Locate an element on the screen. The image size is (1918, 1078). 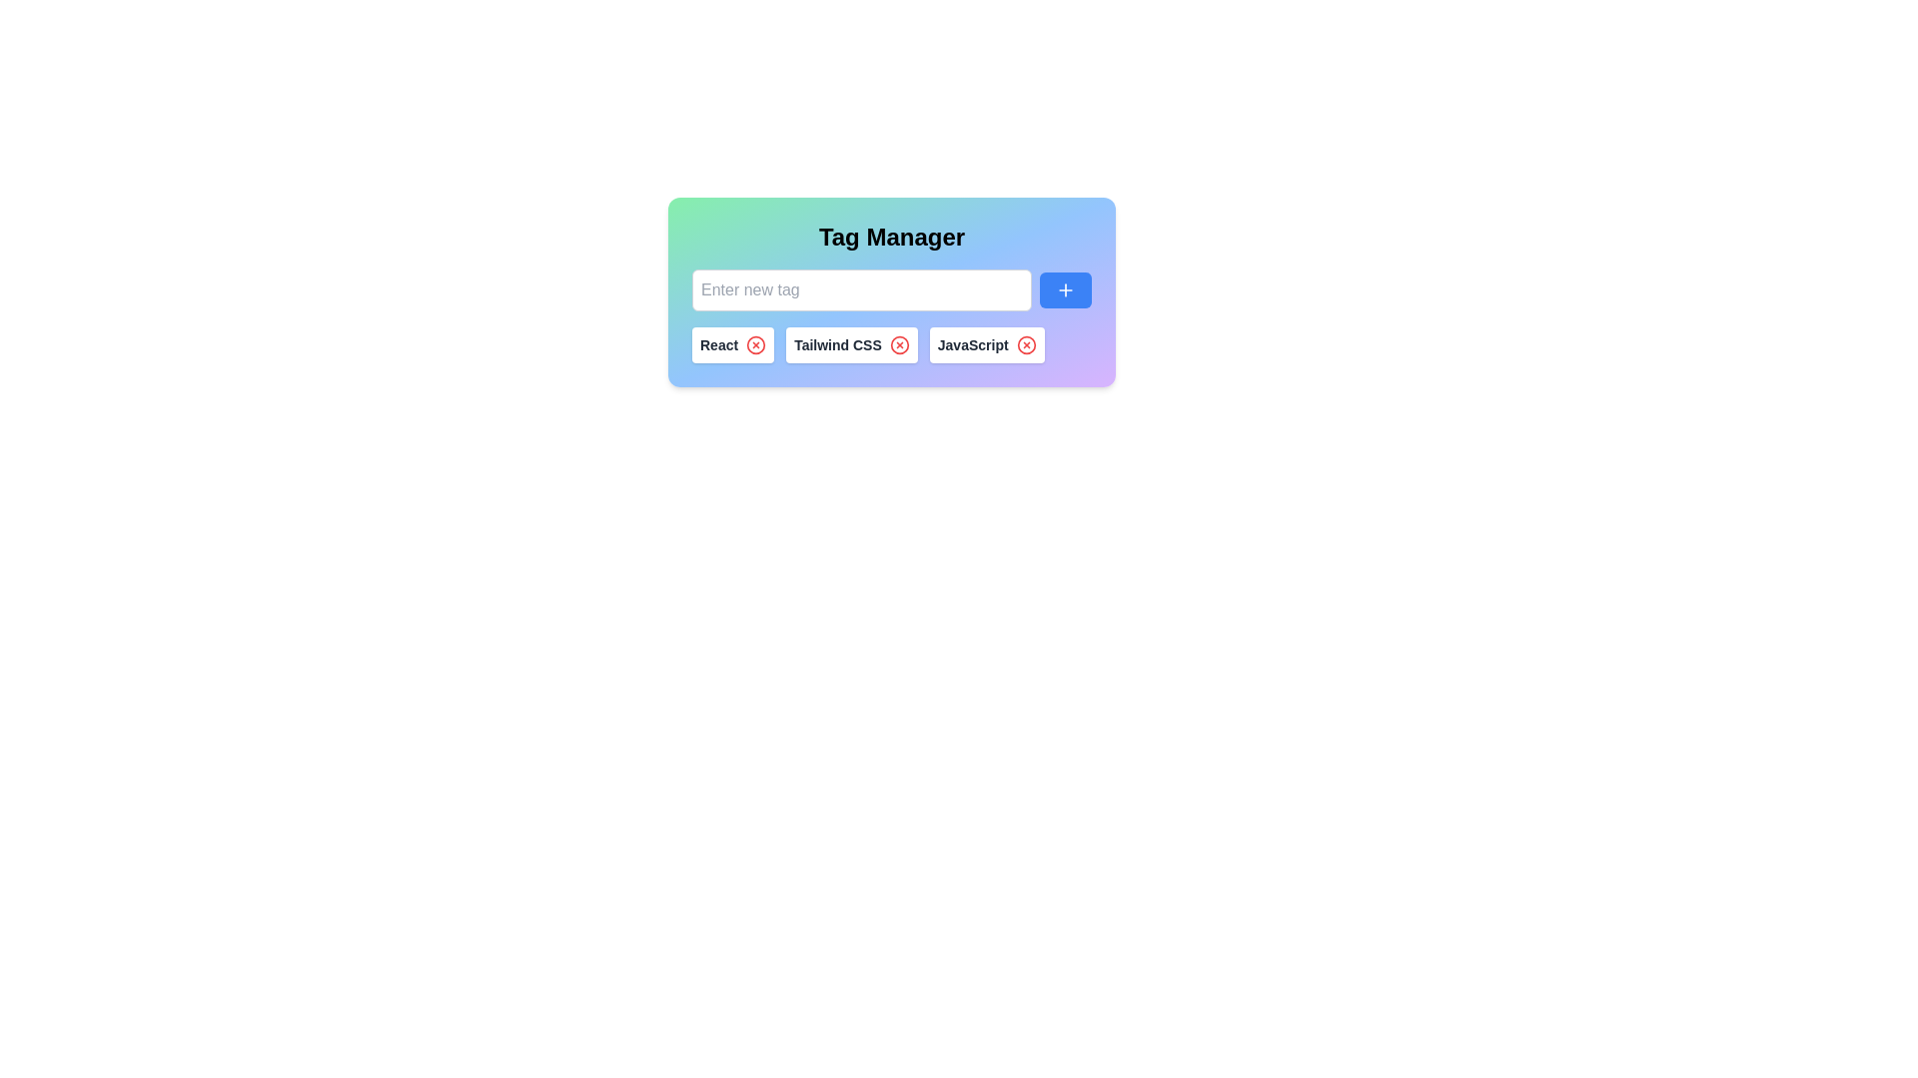
the input field to focus and allow text editing is located at coordinates (862, 289).